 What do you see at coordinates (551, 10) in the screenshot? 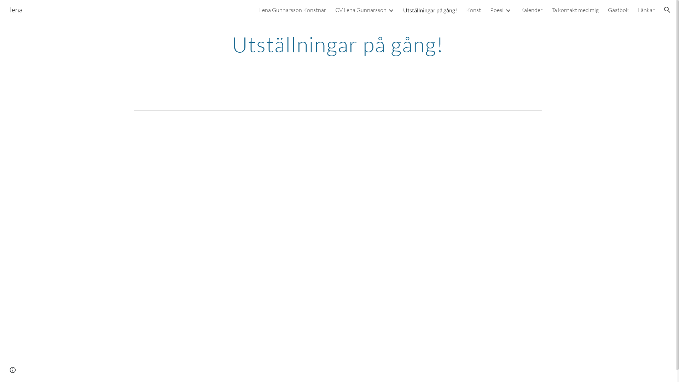
I see `'Ta kontakt med mig'` at bounding box center [551, 10].